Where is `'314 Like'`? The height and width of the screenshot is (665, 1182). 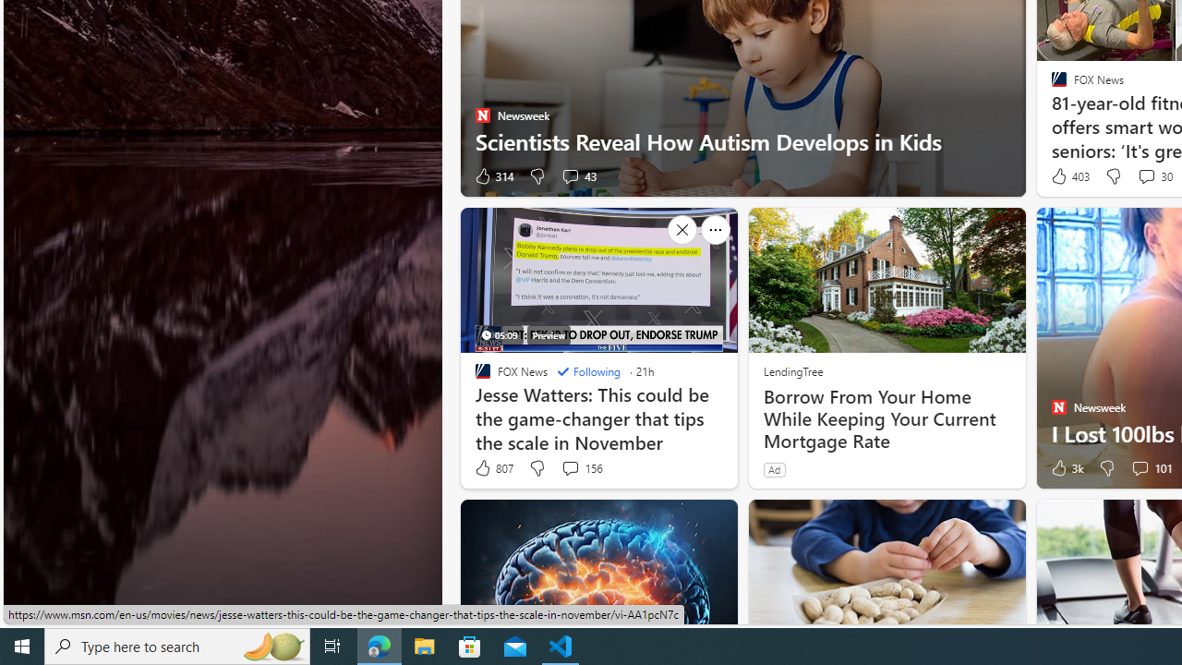
'314 Like' is located at coordinates (493, 176).